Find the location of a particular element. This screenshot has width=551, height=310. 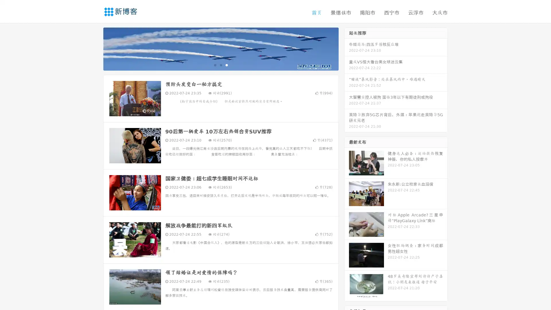

Previous slide is located at coordinates (95, 48).